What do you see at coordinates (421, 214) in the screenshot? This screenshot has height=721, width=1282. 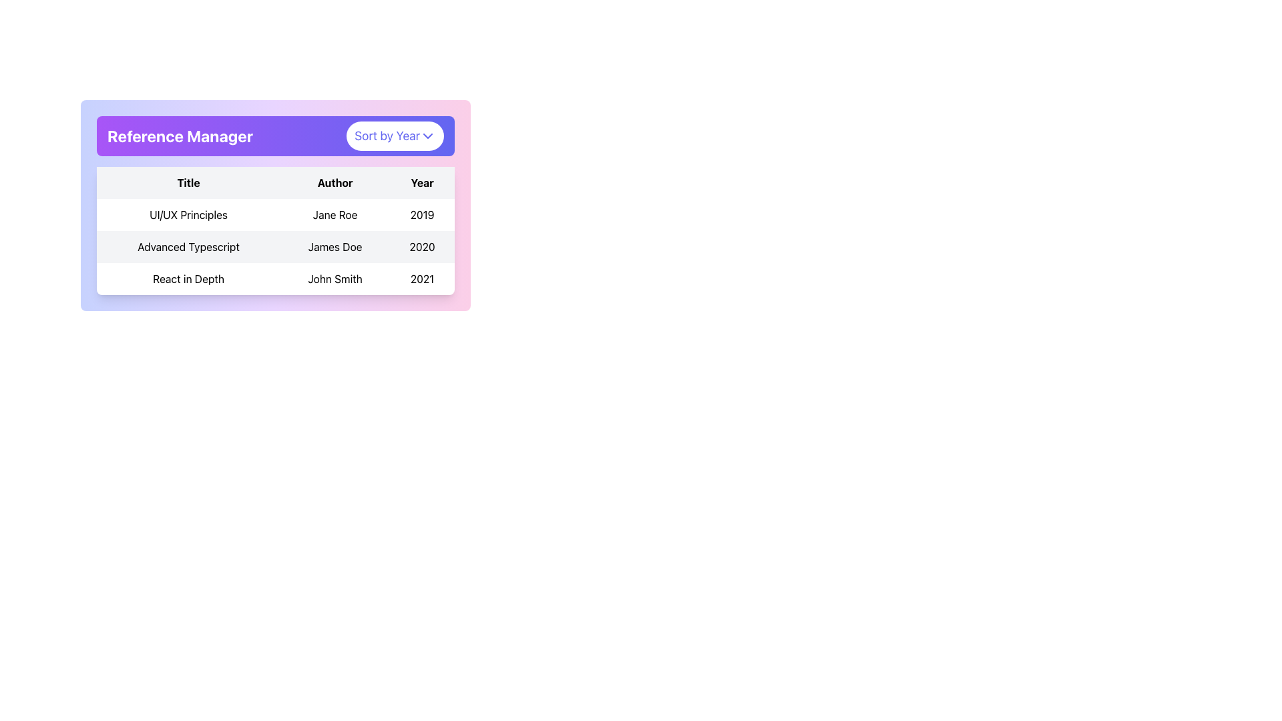 I see `displayed text '2019' from the 'Year' column of the 'UI/UX Principles' row in the table` at bounding box center [421, 214].